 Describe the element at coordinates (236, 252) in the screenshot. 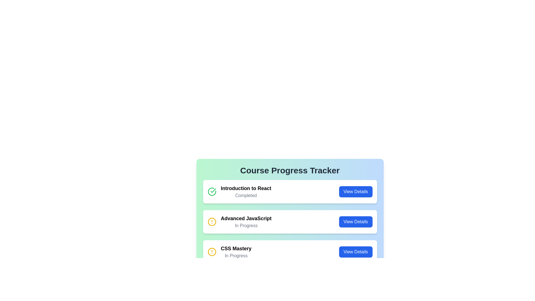

I see `the text block titled 'CSS Mastery' with subtitle 'In Progress' in the 'Course Progress Tracker' section, located above the 'View Details' button` at that location.